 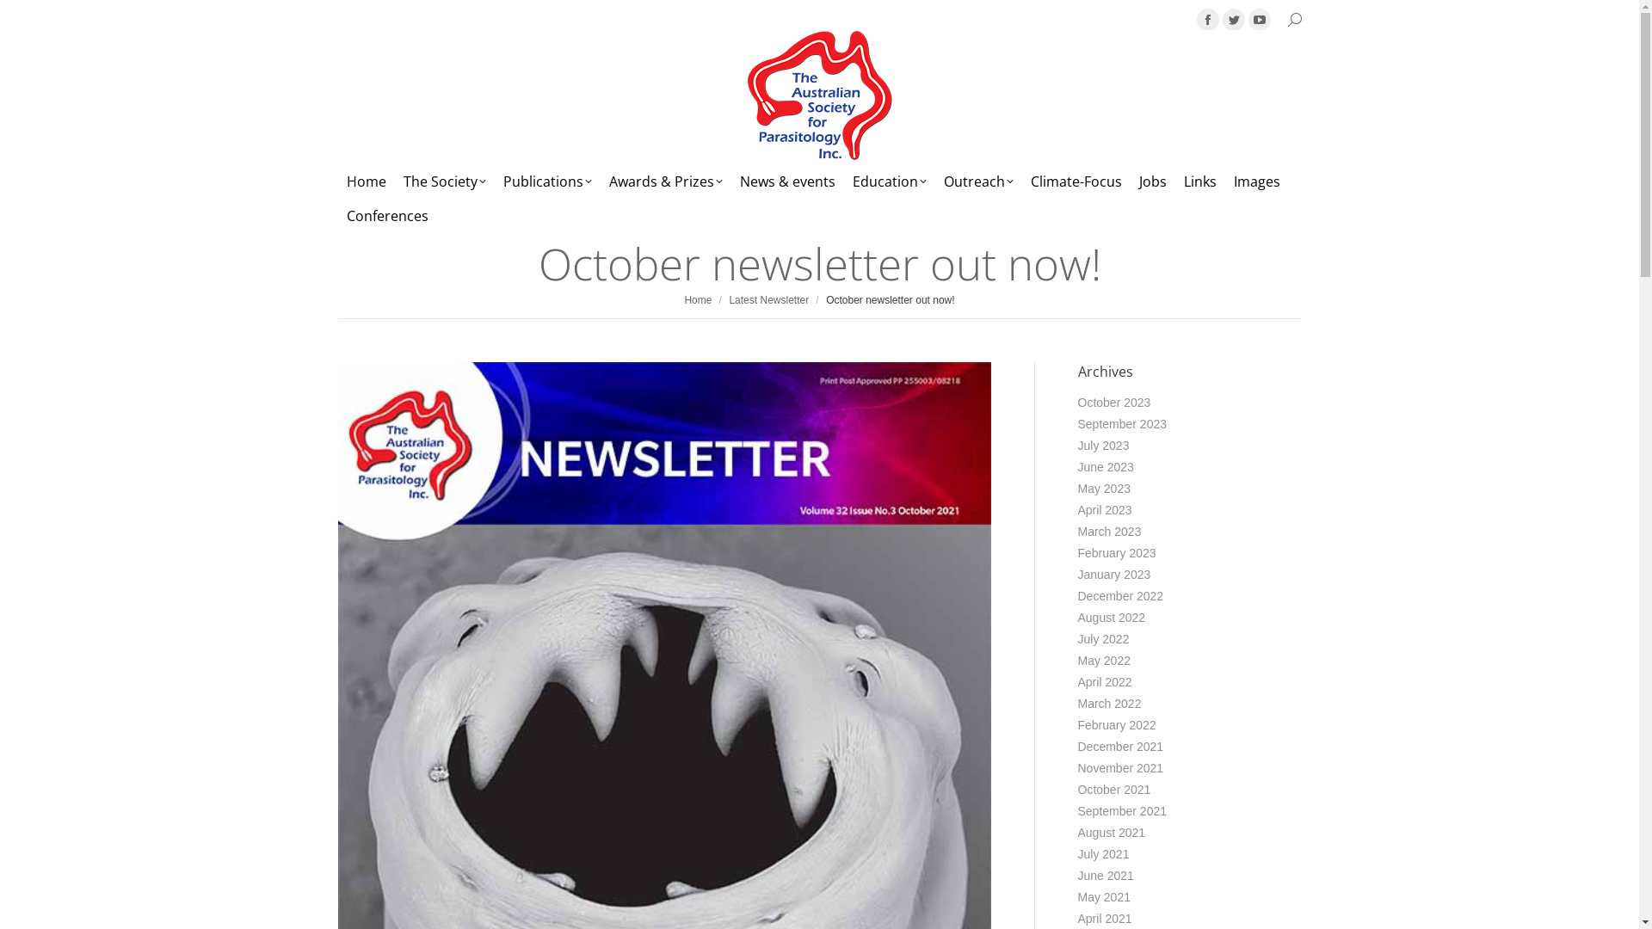 I want to click on 'Education', so click(x=888, y=181).